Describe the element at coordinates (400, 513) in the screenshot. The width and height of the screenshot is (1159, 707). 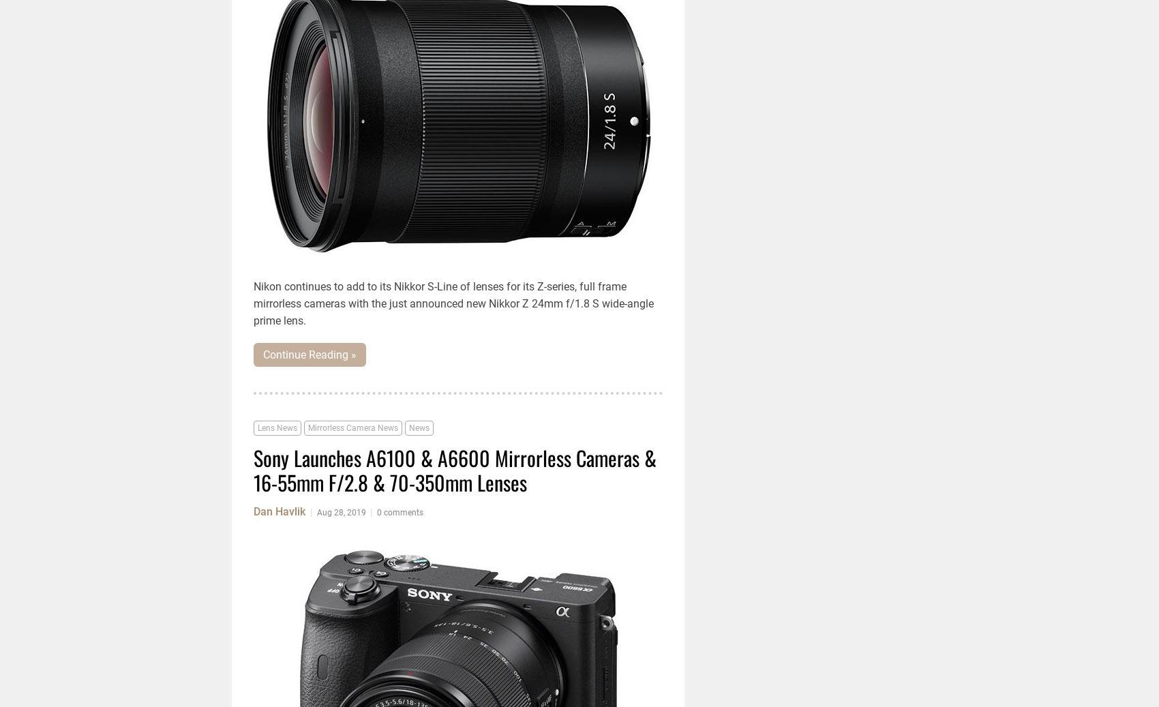
I see `'0 comments'` at that location.